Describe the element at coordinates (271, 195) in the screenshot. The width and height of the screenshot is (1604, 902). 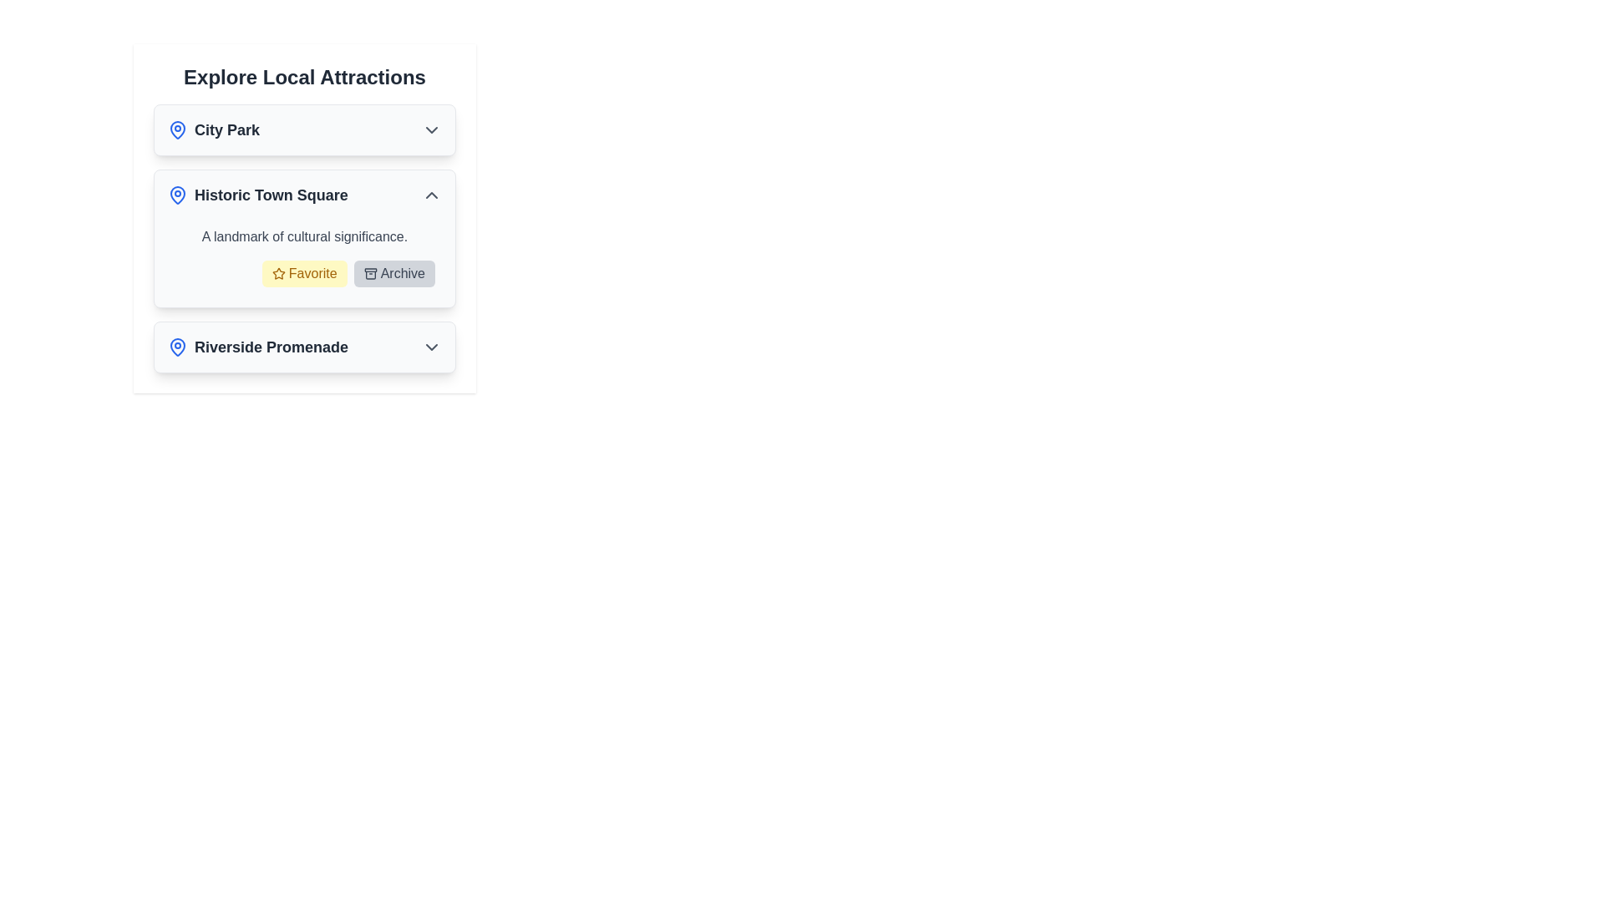
I see `text label 'Historic Town Square' which is styled in bold gray font and serves as the title of the middle card in the 'Explore Local Attractions' section` at that location.